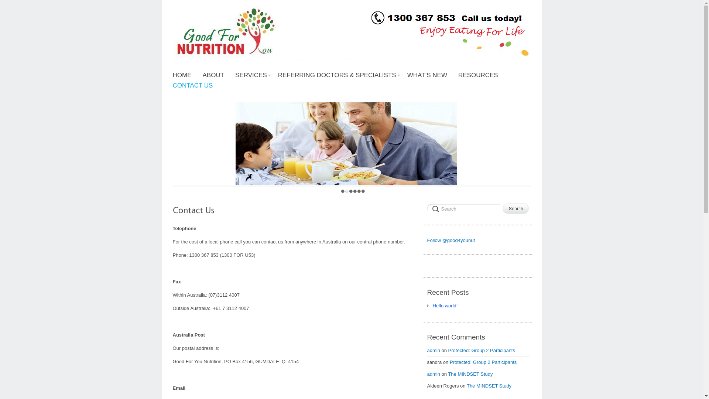 The width and height of the screenshot is (709, 399). I want to click on 'The MINDSET Study', so click(489, 385).